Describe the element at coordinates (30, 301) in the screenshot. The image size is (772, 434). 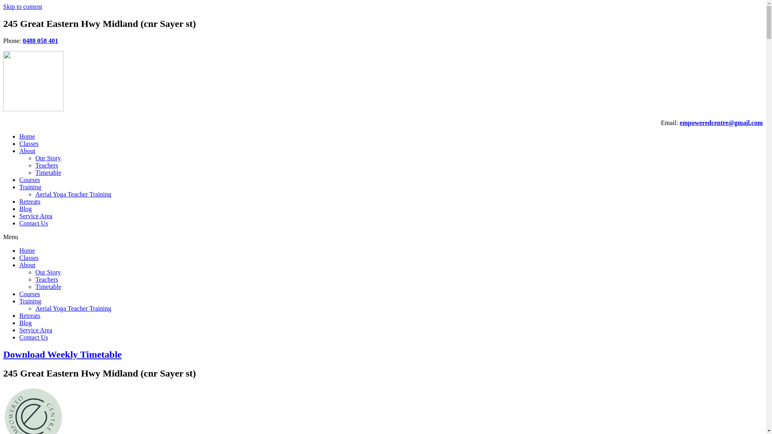
I see `'Training'` at that location.